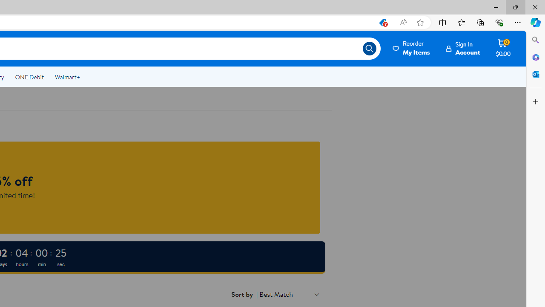  Describe the element at coordinates (316, 294) in the screenshot. I see `'Class: ld ld-ChevronDown pa0 ml6'` at that location.